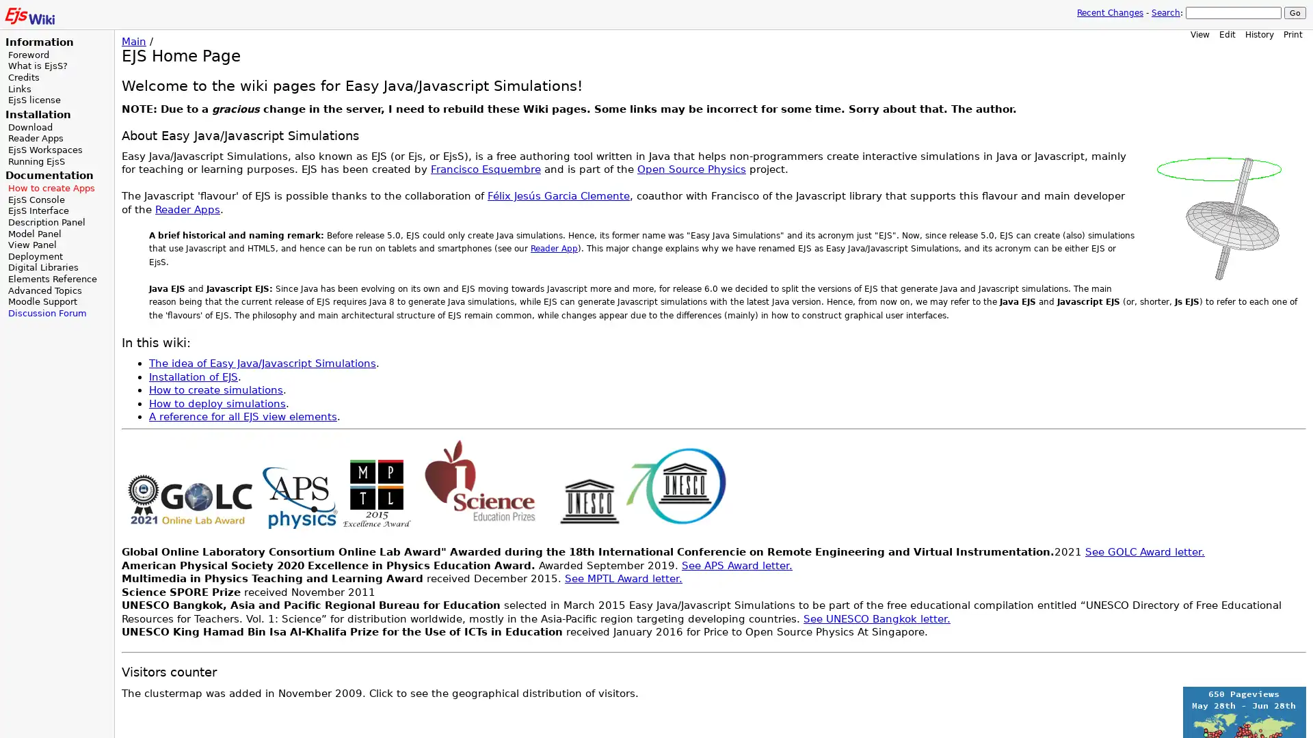  What do you see at coordinates (1295, 13) in the screenshot?
I see `Go` at bounding box center [1295, 13].